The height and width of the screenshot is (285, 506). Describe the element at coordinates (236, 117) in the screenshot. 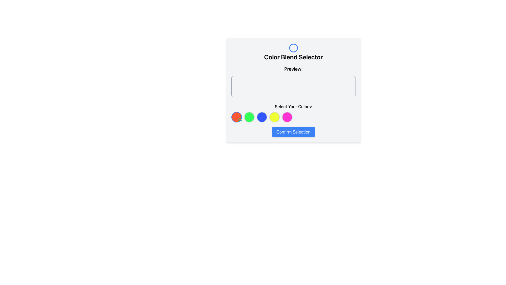

I see `the circular color selection button with a vibrant red fill and a green checkmark in the bottom right corner` at that location.